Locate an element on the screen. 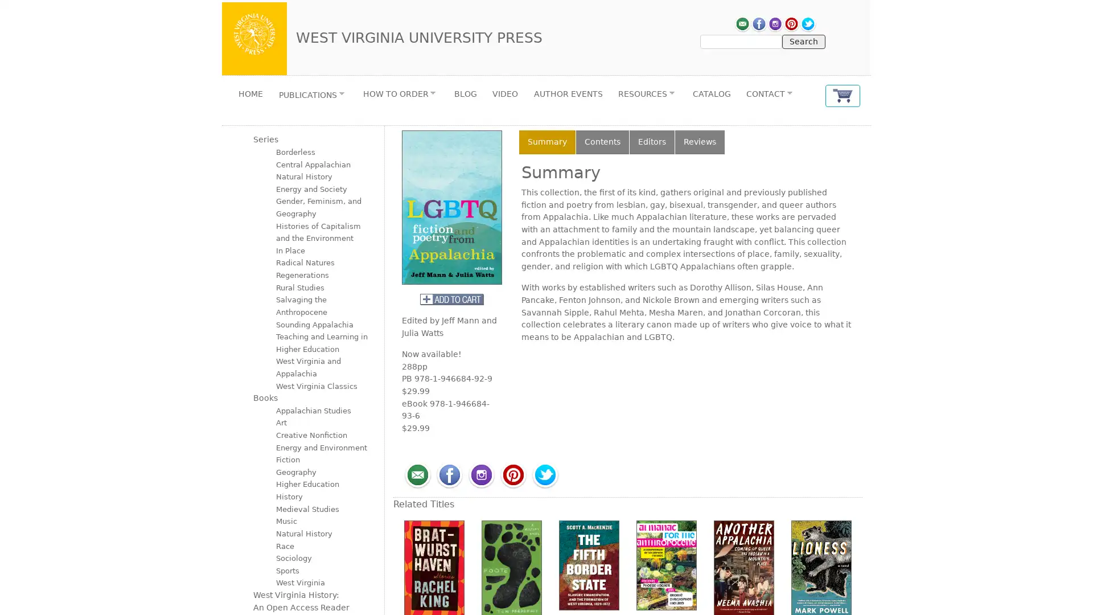 The width and height of the screenshot is (1093, 615). Search is located at coordinates (803, 40).